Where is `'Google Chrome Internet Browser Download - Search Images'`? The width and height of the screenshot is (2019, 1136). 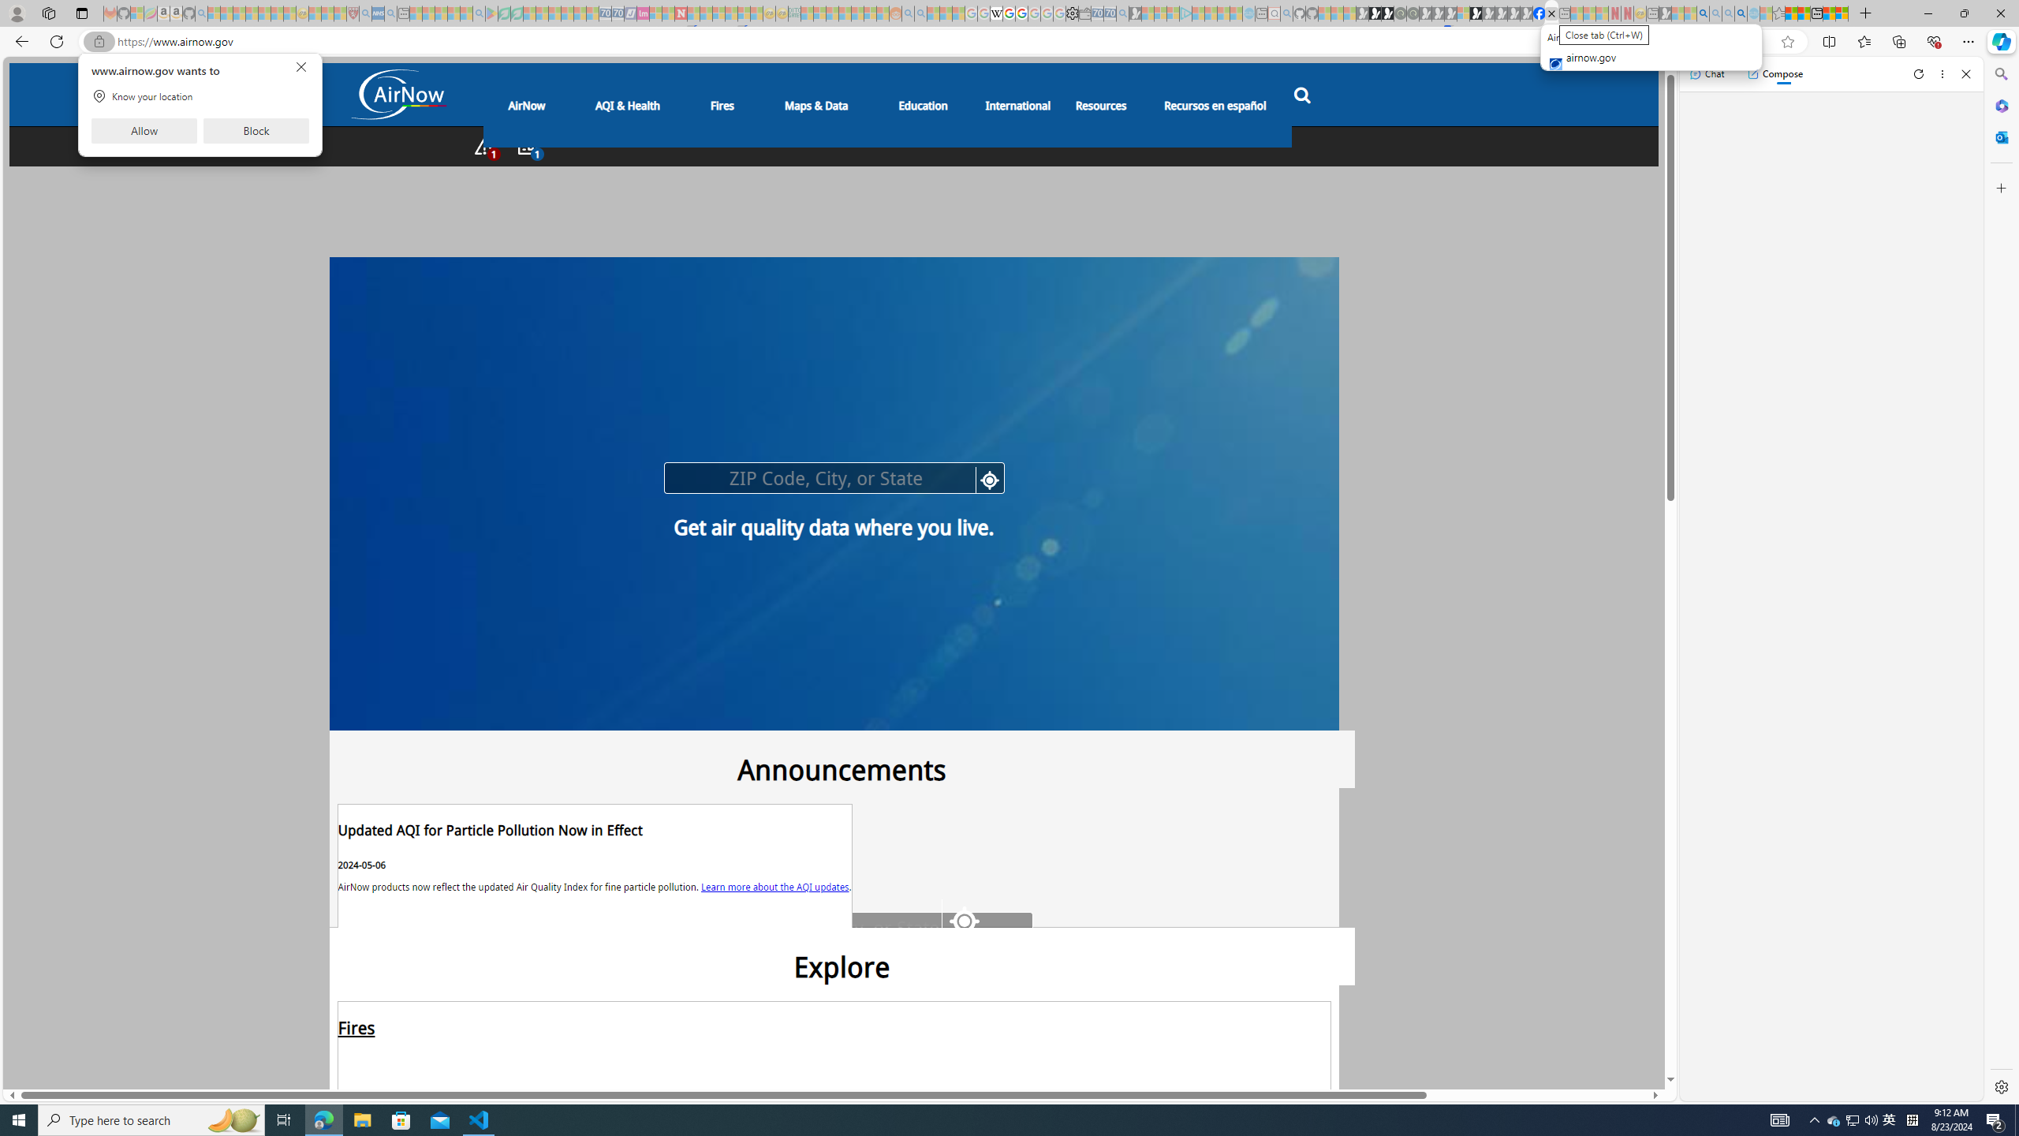 'Google Chrome Internet Browser Download - Search Images' is located at coordinates (1741, 13).